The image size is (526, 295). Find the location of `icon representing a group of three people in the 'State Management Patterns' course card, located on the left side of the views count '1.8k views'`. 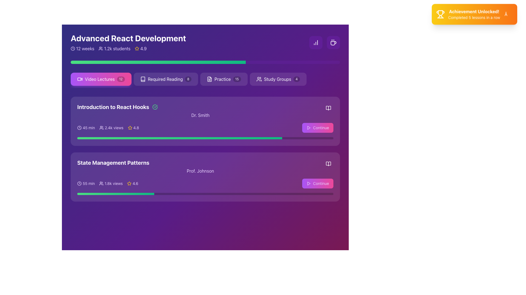

icon representing a group of three people in the 'State Management Patterns' course card, located on the left side of the views count '1.8k views' is located at coordinates (101, 183).